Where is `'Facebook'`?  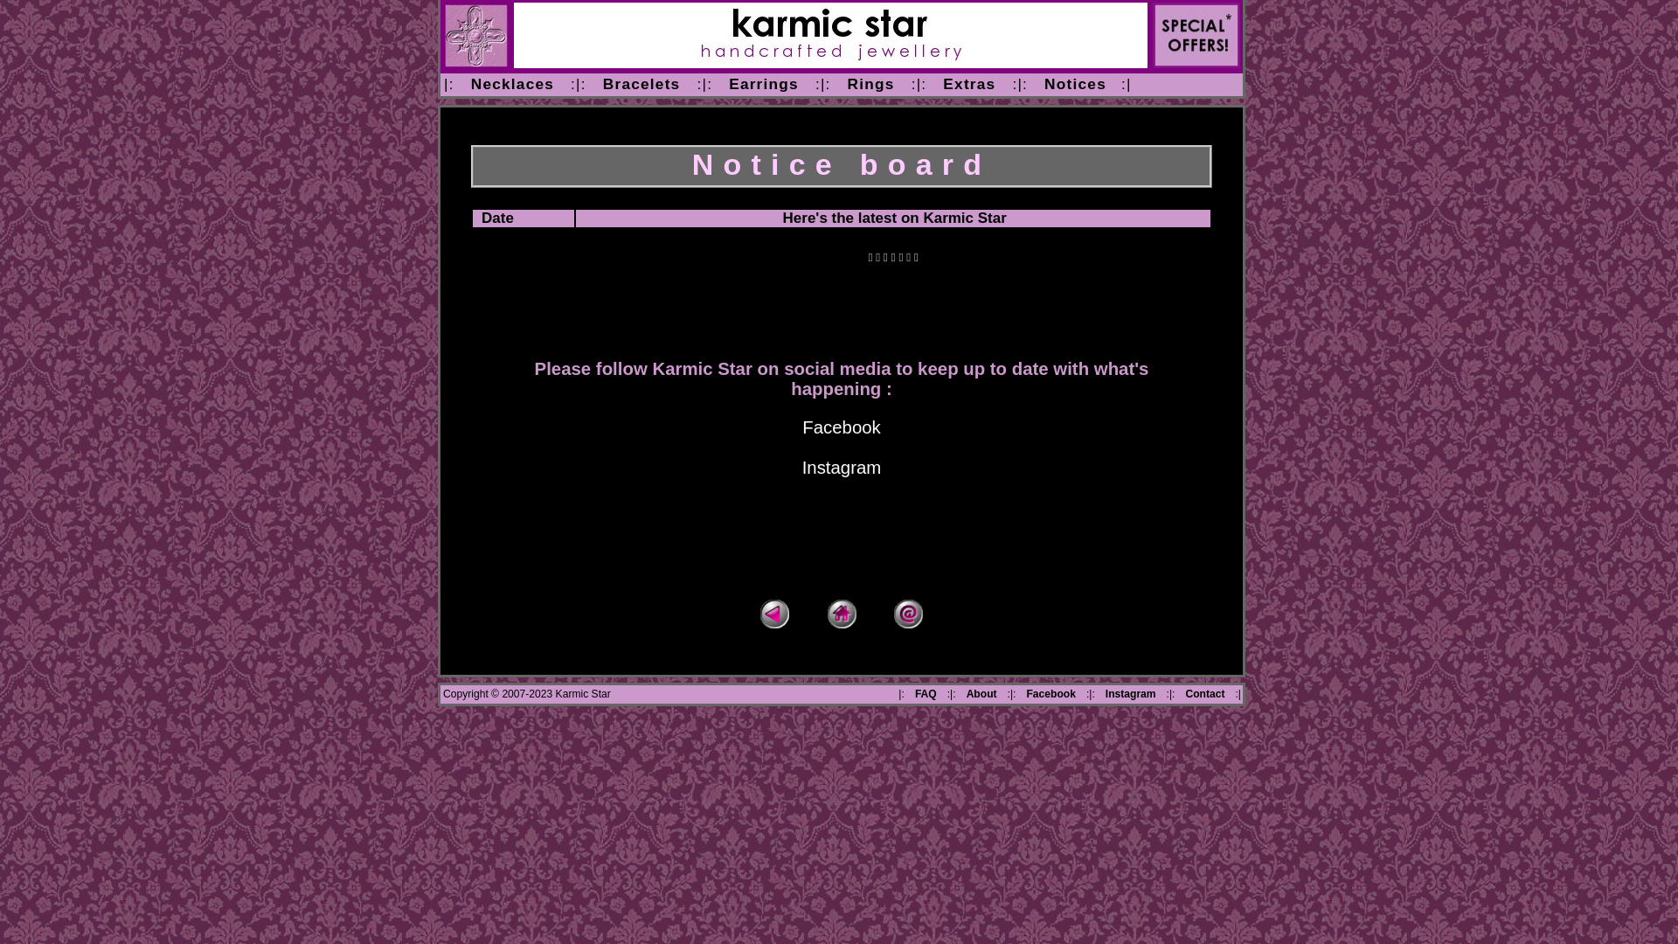 'Facebook' is located at coordinates (842, 427).